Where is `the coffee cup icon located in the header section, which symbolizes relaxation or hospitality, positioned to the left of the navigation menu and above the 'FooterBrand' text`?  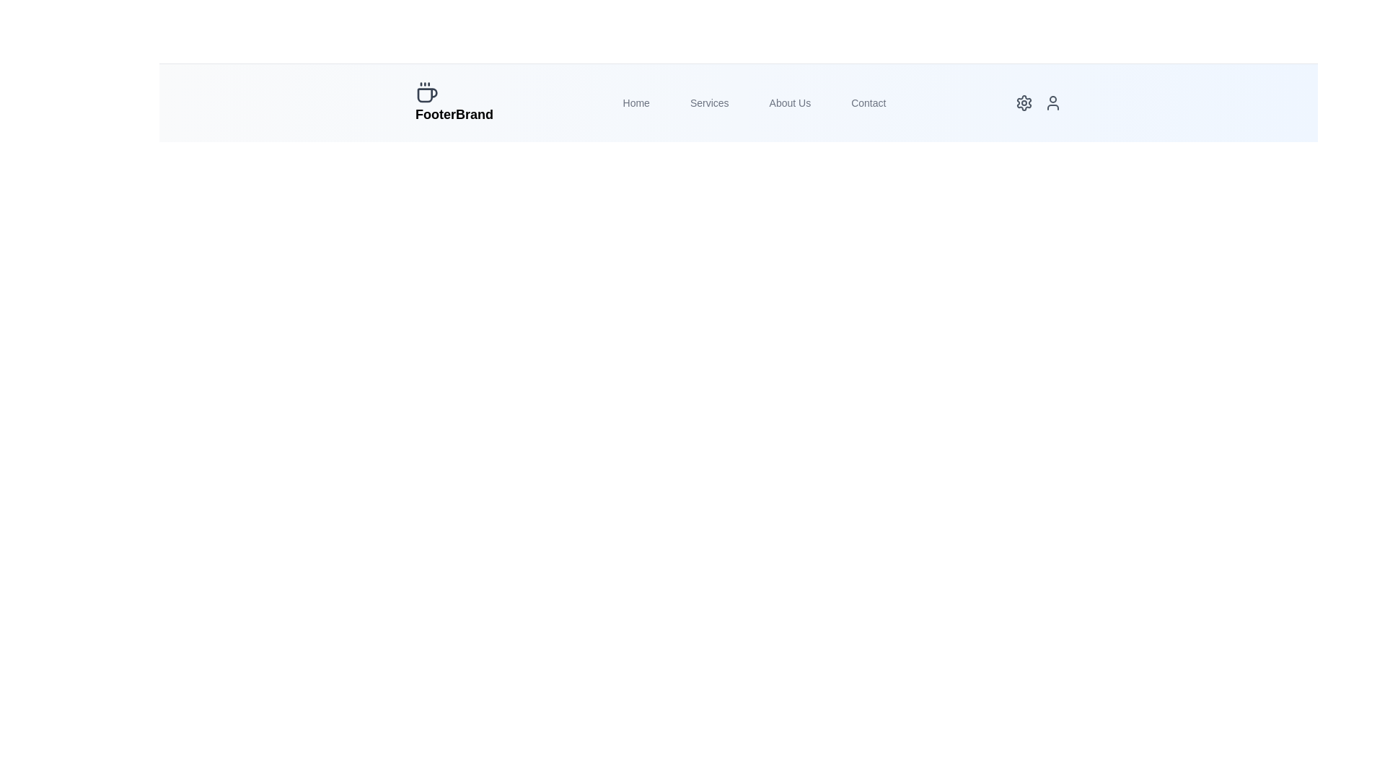
the coffee cup icon located in the header section, which symbolizes relaxation or hospitality, positioned to the left of the navigation menu and above the 'FooterBrand' text is located at coordinates (426, 92).